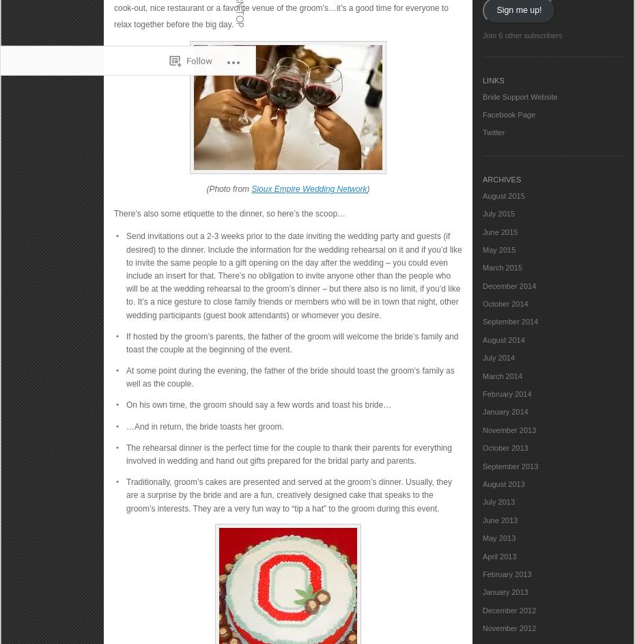 Image resolution: width=635 pixels, height=644 pixels. Describe the element at coordinates (292, 341) in the screenshot. I see `'If hosted by the groom’s parents, the father of the groom will welcome the bride’s family and toast the couple at the beginning of the event.'` at that location.